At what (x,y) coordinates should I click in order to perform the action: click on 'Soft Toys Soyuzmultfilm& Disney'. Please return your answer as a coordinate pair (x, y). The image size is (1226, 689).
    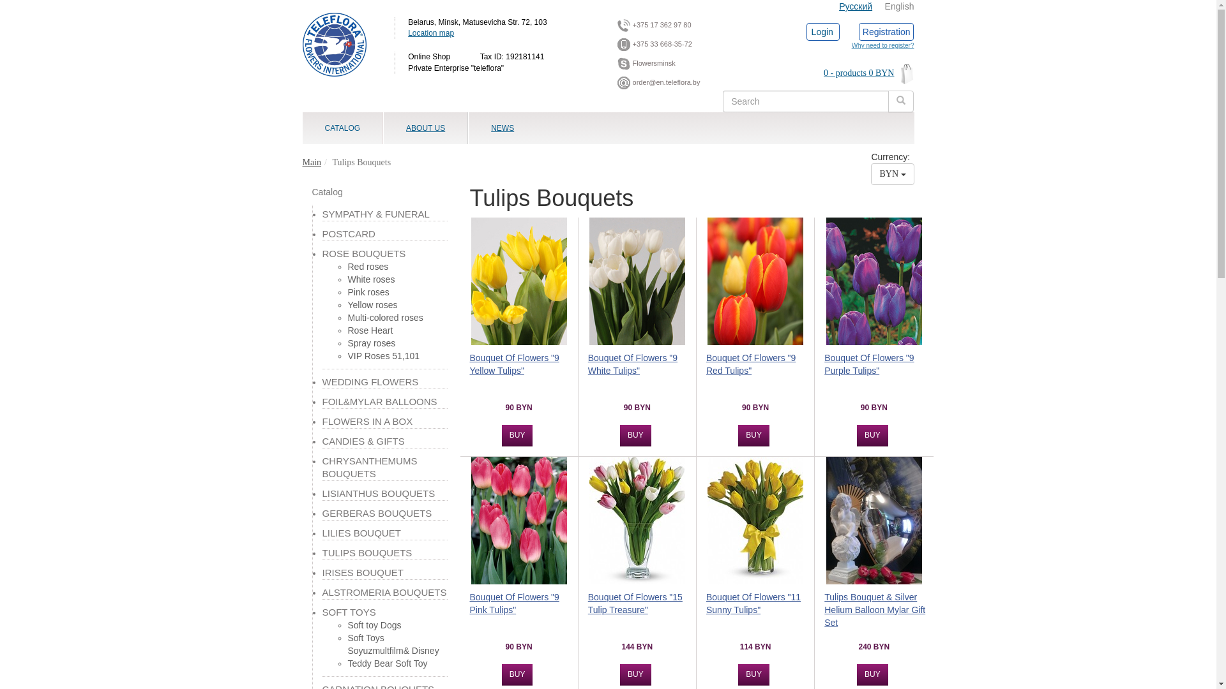
    Looking at the image, I should click on (392, 644).